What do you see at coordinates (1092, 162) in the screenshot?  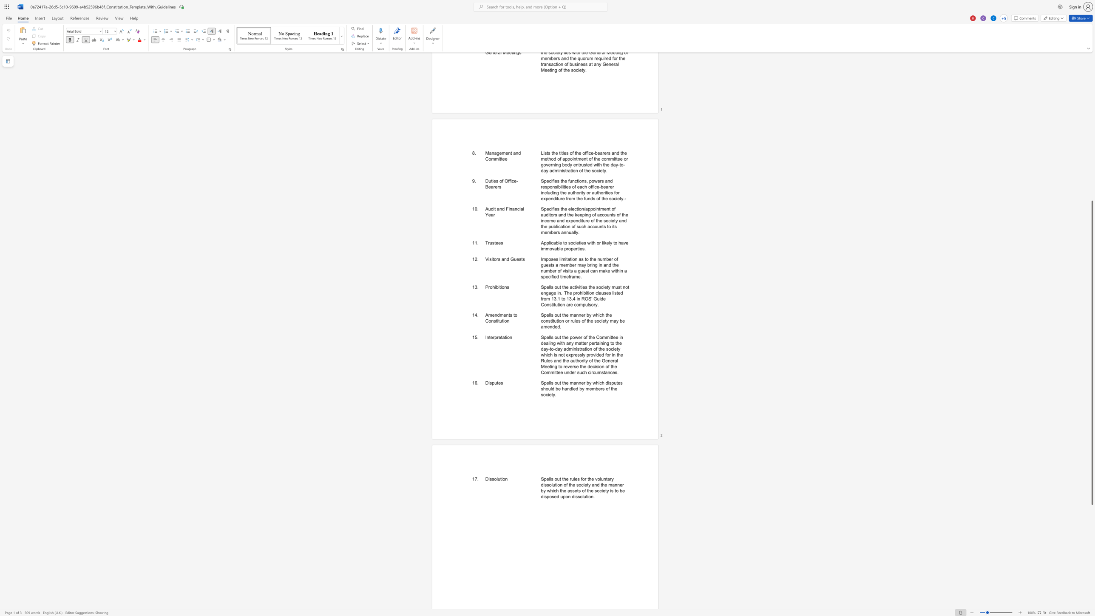 I see `the scrollbar to move the page up` at bounding box center [1092, 162].